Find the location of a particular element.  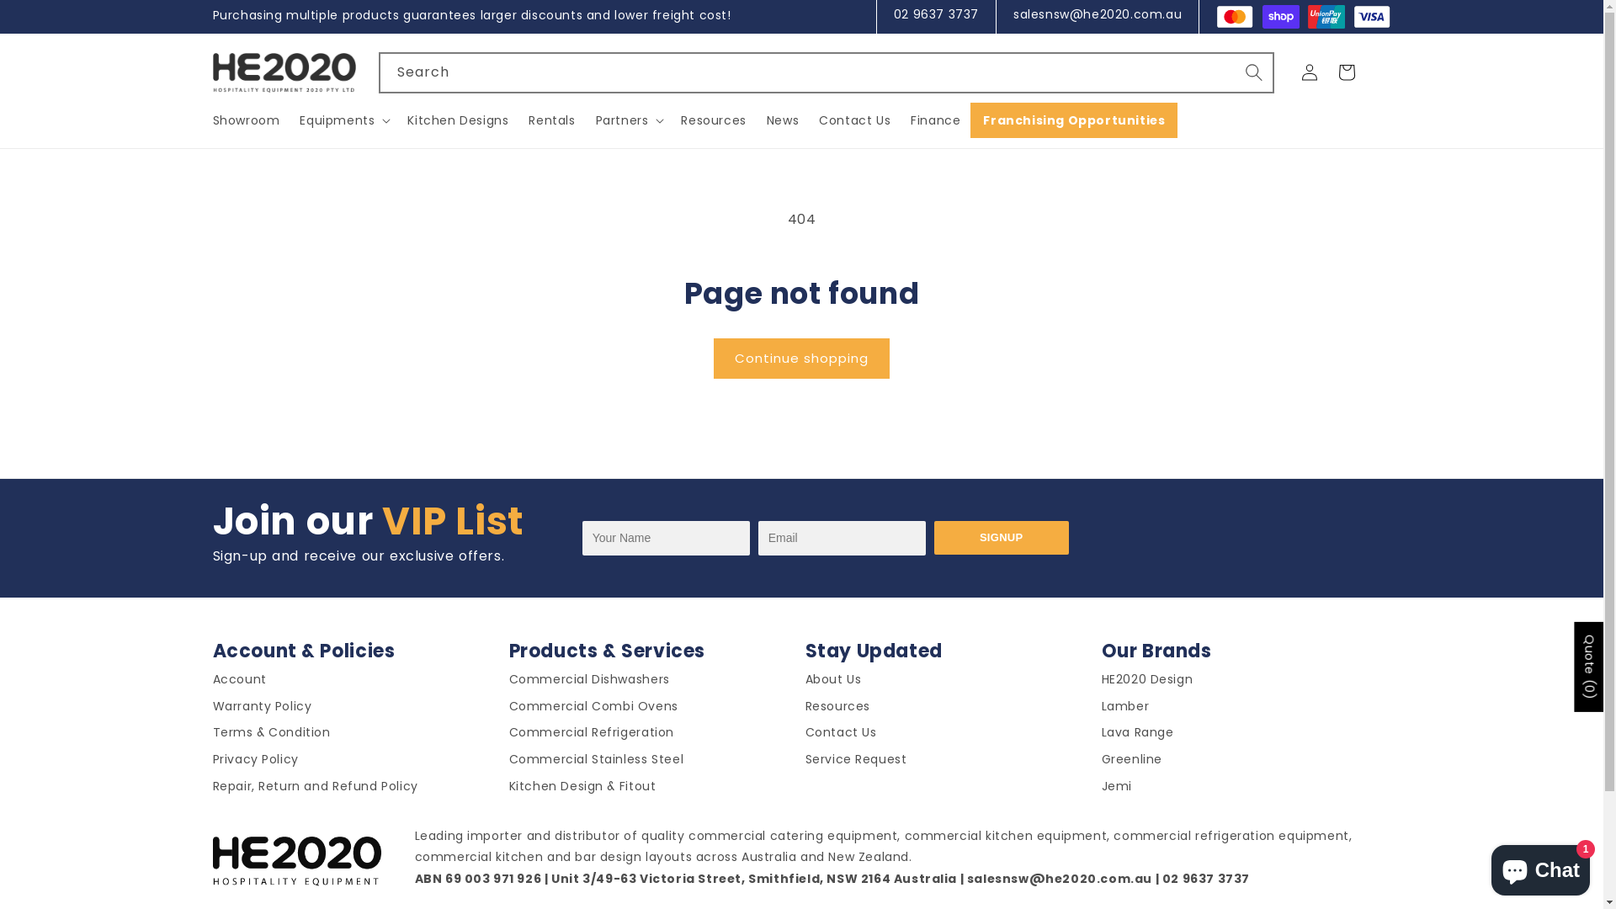

'Jemi' is located at coordinates (1115, 789).